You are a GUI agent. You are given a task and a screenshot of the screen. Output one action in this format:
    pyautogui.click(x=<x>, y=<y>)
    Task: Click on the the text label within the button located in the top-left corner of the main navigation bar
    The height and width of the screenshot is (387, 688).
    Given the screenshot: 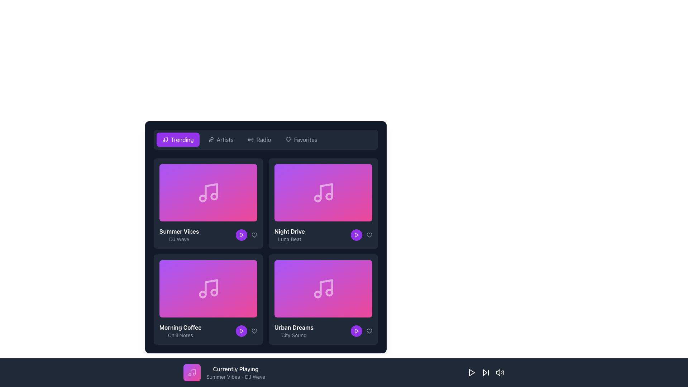 What is the action you would take?
    pyautogui.click(x=182, y=139)
    